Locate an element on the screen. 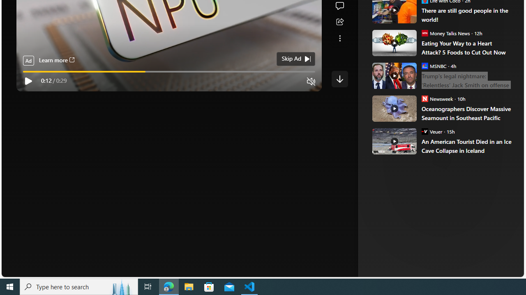 This screenshot has width=526, height=295. 'video progress bar' is located at coordinates (168, 71).